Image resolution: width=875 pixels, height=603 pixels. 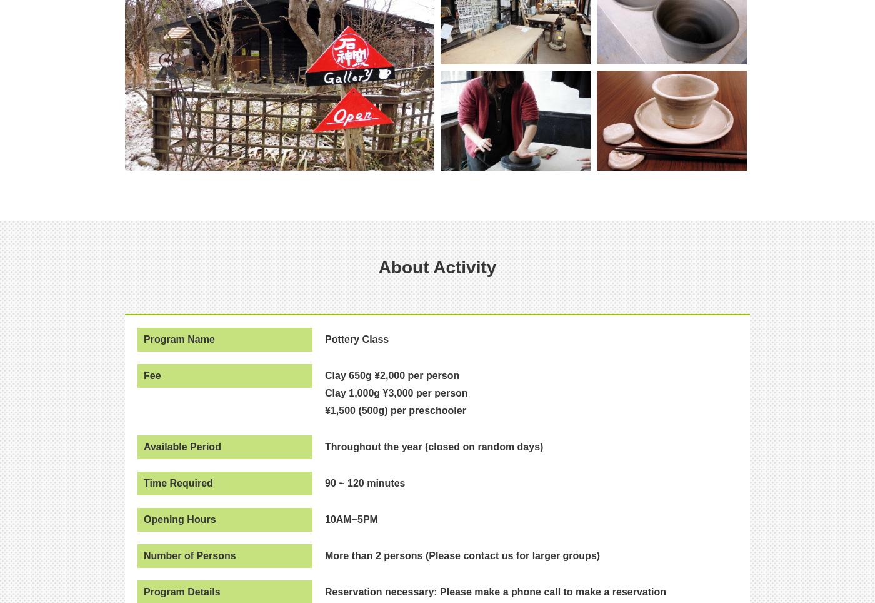 What do you see at coordinates (182, 591) in the screenshot?
I see `'Program Details'` at bounding box center [182, 591].